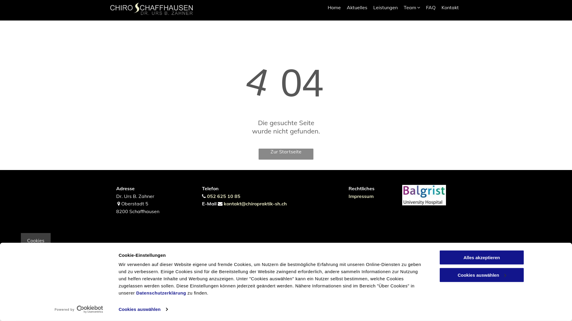  I want to click on 'Cookies', so click(35, 240).